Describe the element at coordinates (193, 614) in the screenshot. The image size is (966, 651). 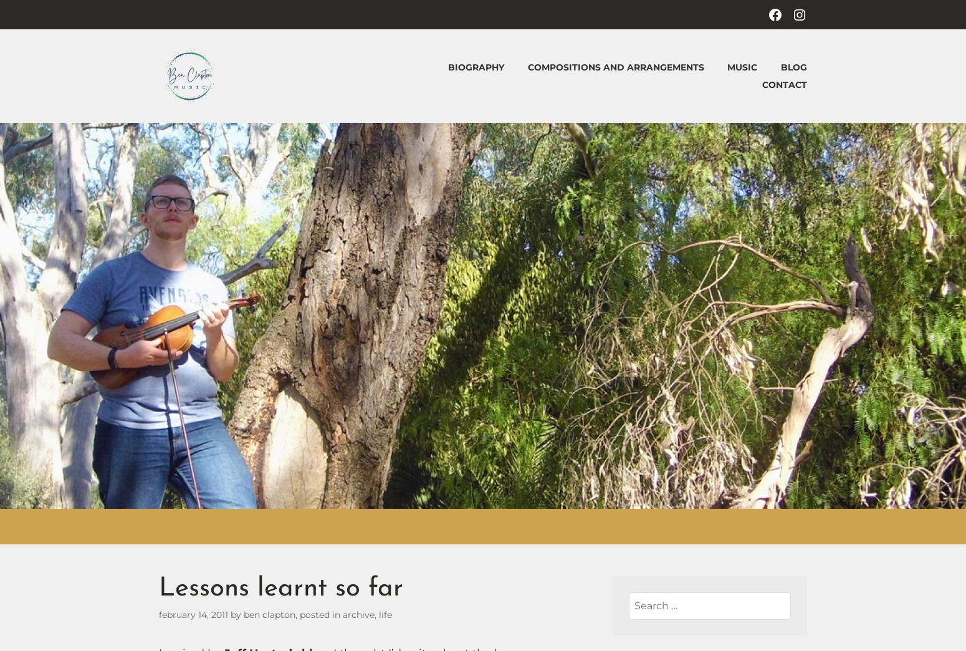
I see `'February 14, 2011'` at that location.